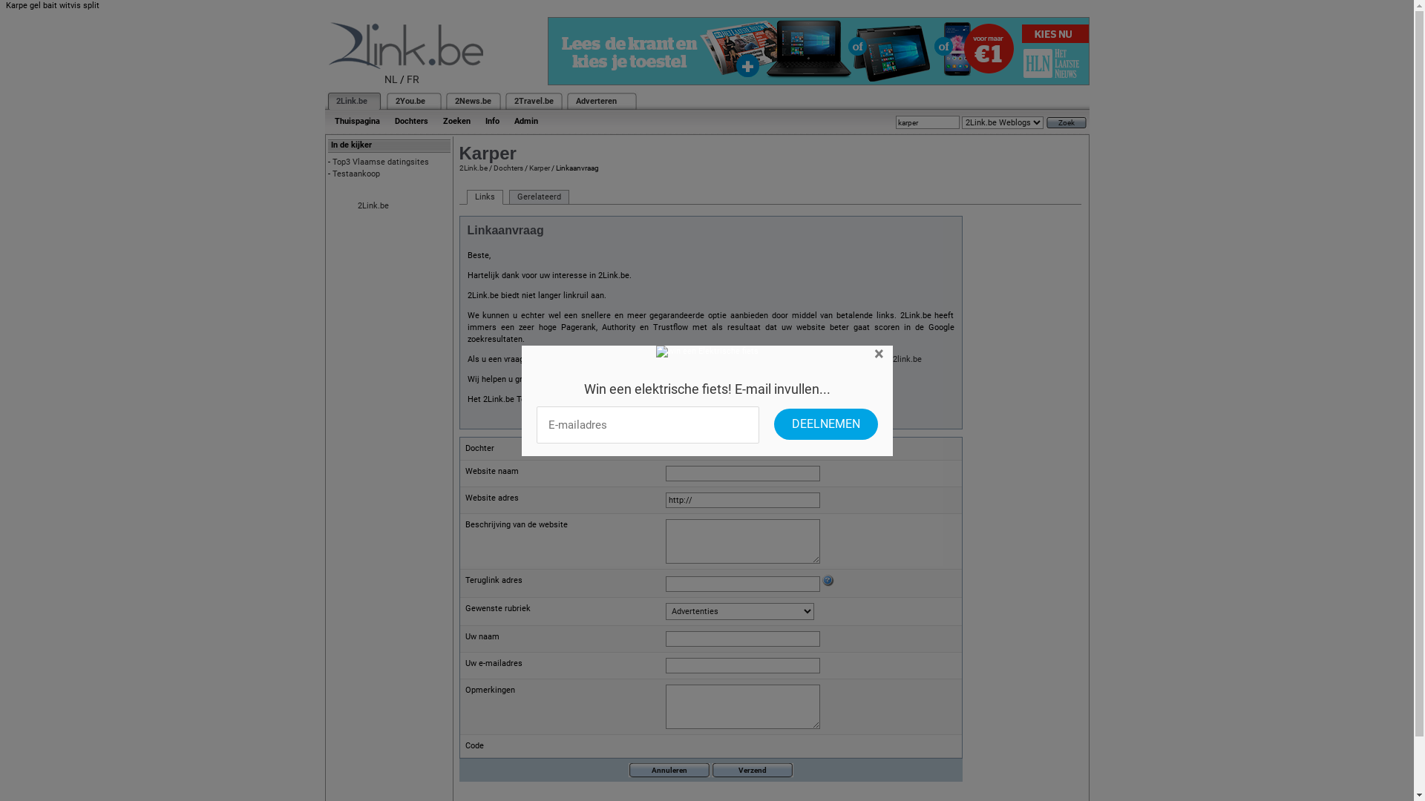  What do you see at coordinates (410, 100) in the screenshot?
I see `'2You.be'` at bounding box center [410, 100].